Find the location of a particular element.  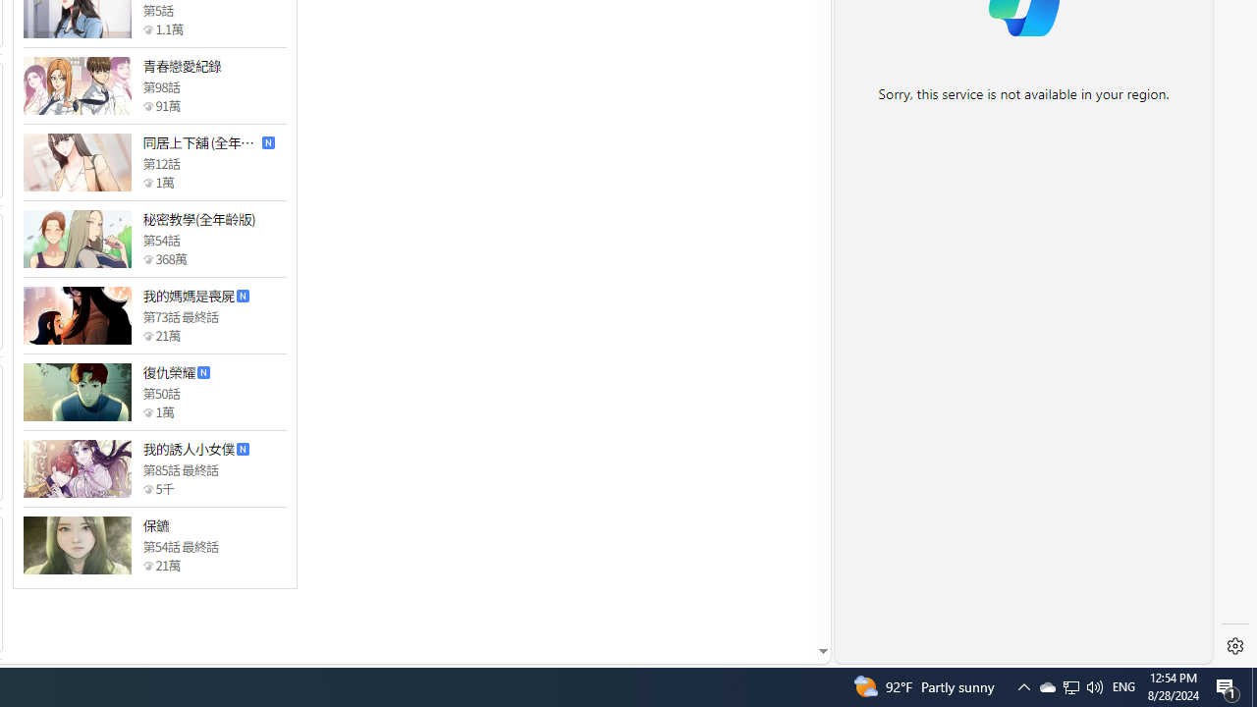

'Settings' is located at coordinates (1234, 646).